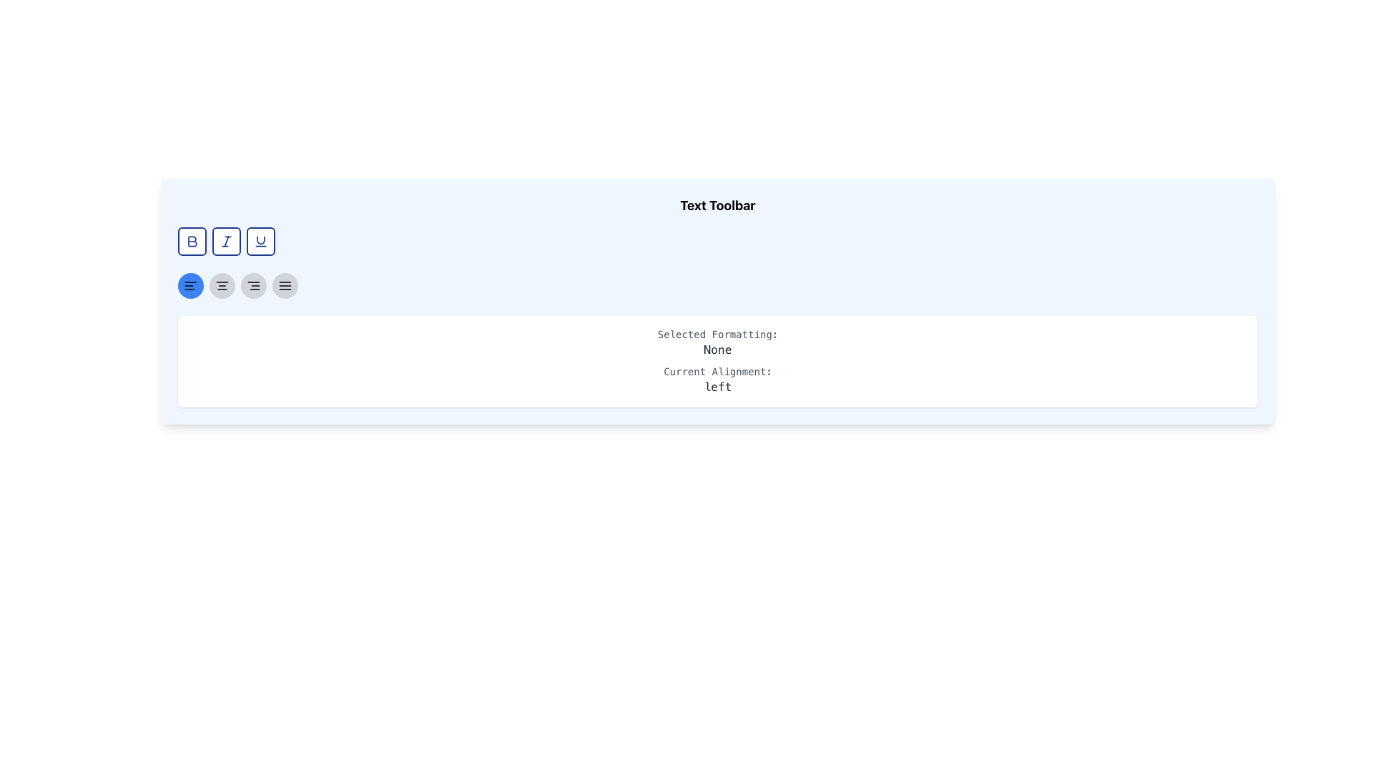 Image resolution: width=1373 pixels, height=772 pixels. I want to click on the informational Text Label displaying the current alignment setting, which indicates 'left', located at the bottom of the formatting settings section, so click(717, 387).